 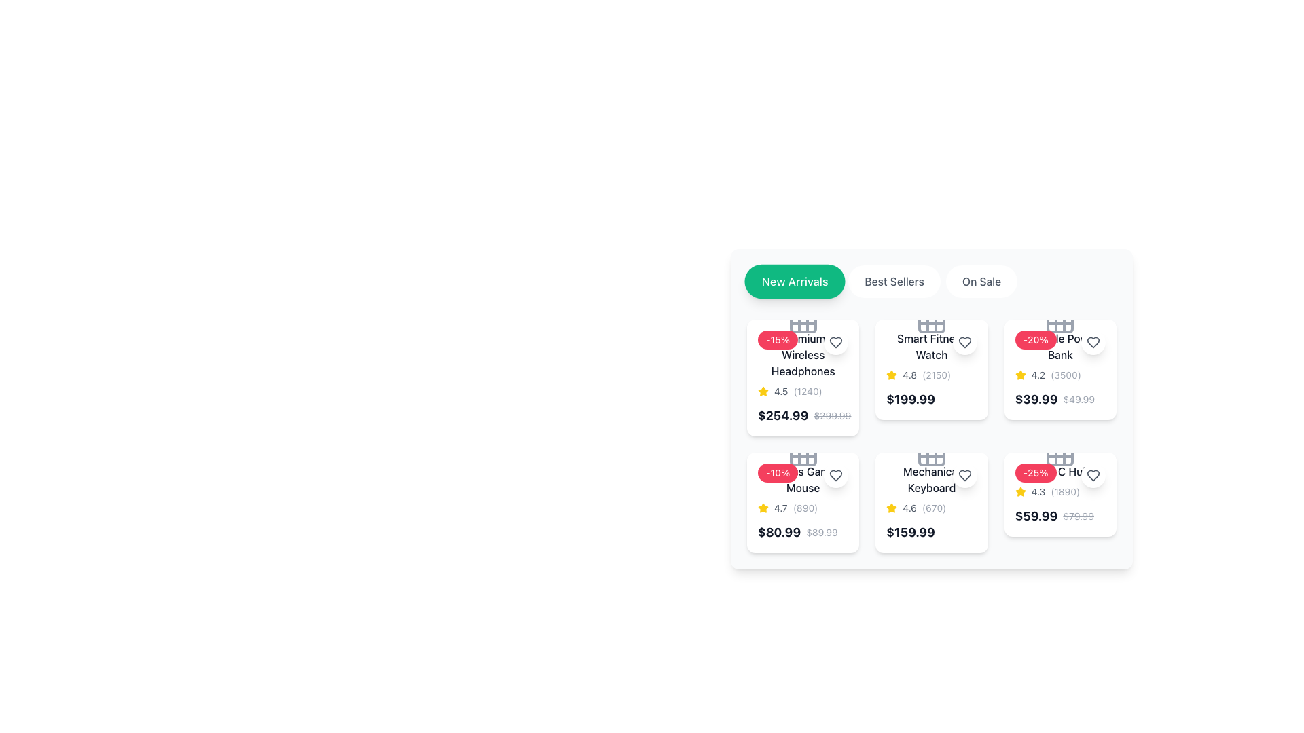 What do you see at coordinates (835, 475) in the screenshot?
I see `the second heart-shaped button in the top-right corner of the 'Gaming Mouse' product tile card` at bounding box center [835, 475].